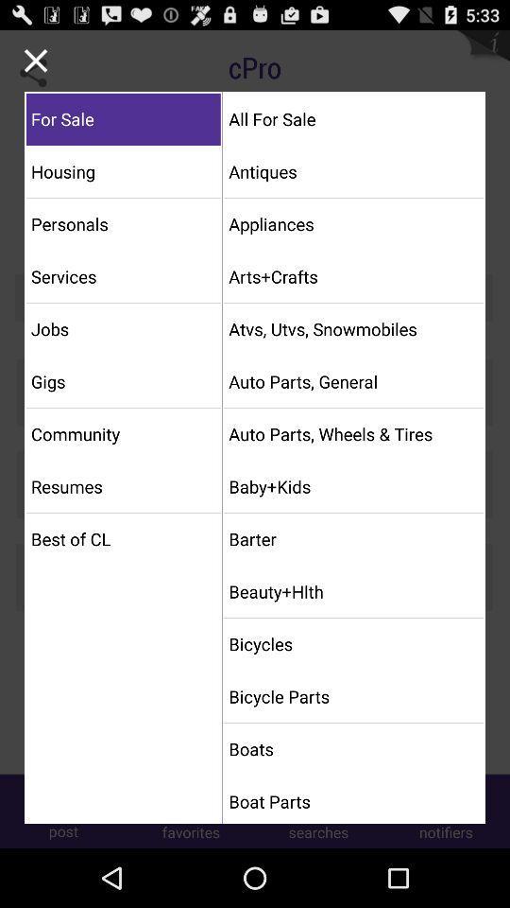 The width and height of the screenshot is (510, 908). What do you see at coordinates (353, 800) in the screenshot?
I see `boat parts` at bounding box center [353, 800].